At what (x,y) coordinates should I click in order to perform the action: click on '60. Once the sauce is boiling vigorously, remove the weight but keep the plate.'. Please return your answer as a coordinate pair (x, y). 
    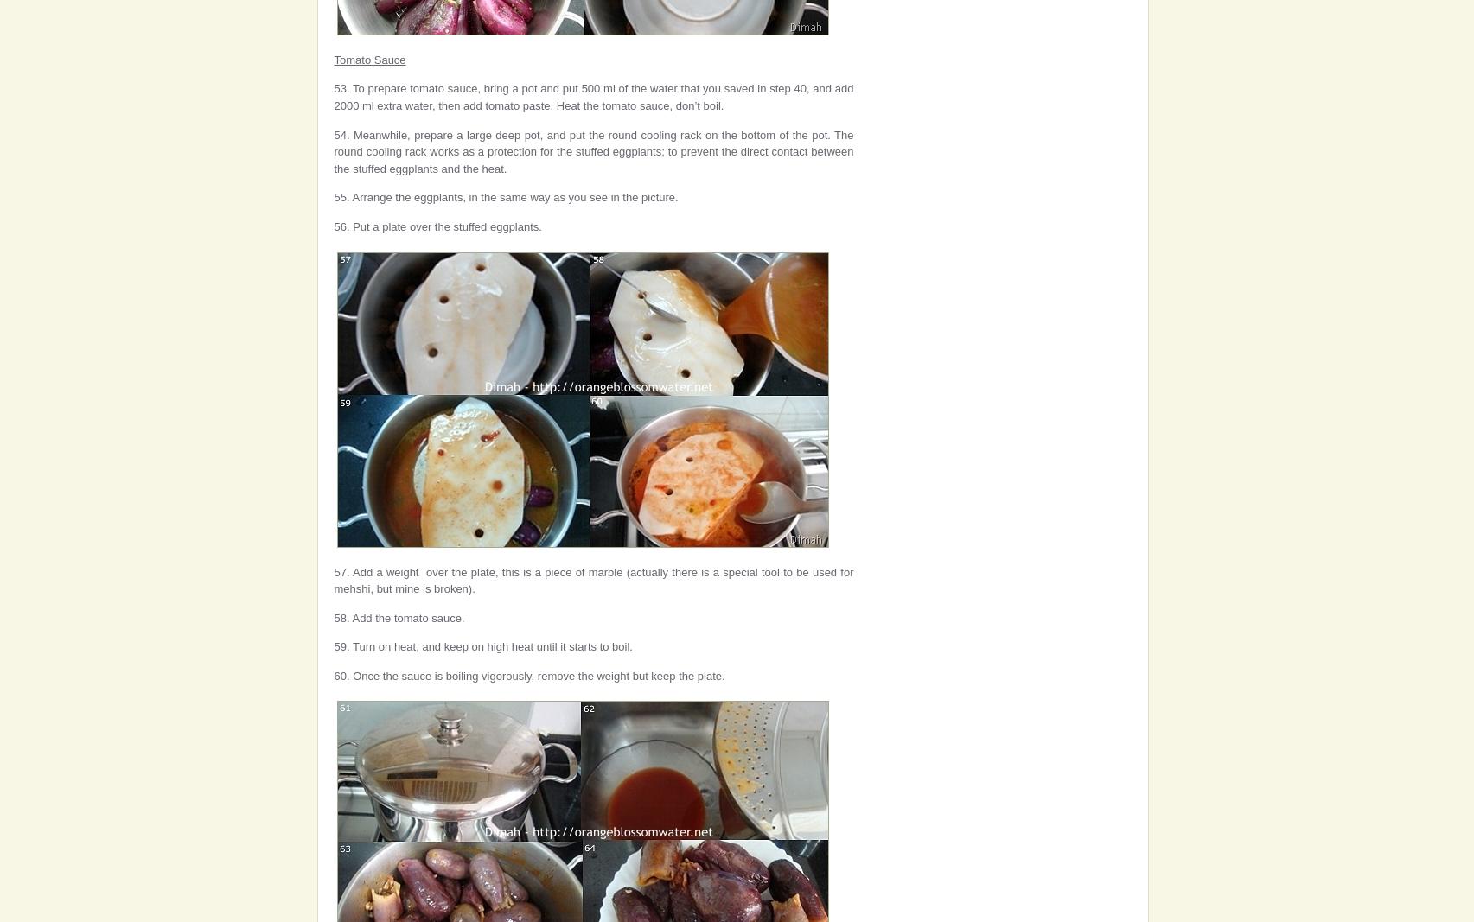
    Looking at the image, I should click on (528, 674).